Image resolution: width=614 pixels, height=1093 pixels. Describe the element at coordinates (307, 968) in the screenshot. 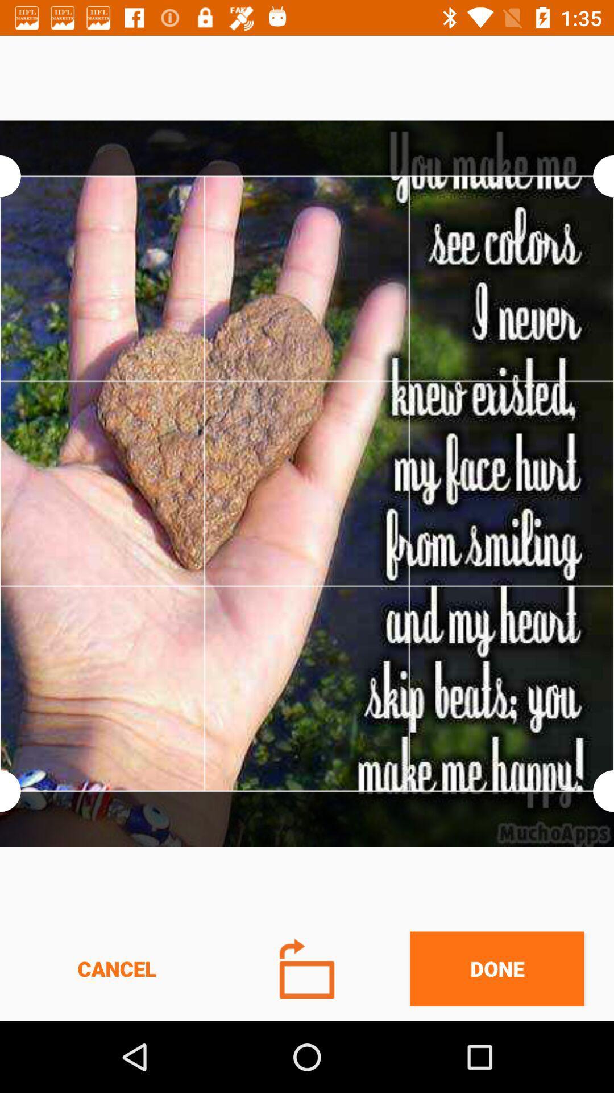

I see `icon to the right of the cancel item` at that location.